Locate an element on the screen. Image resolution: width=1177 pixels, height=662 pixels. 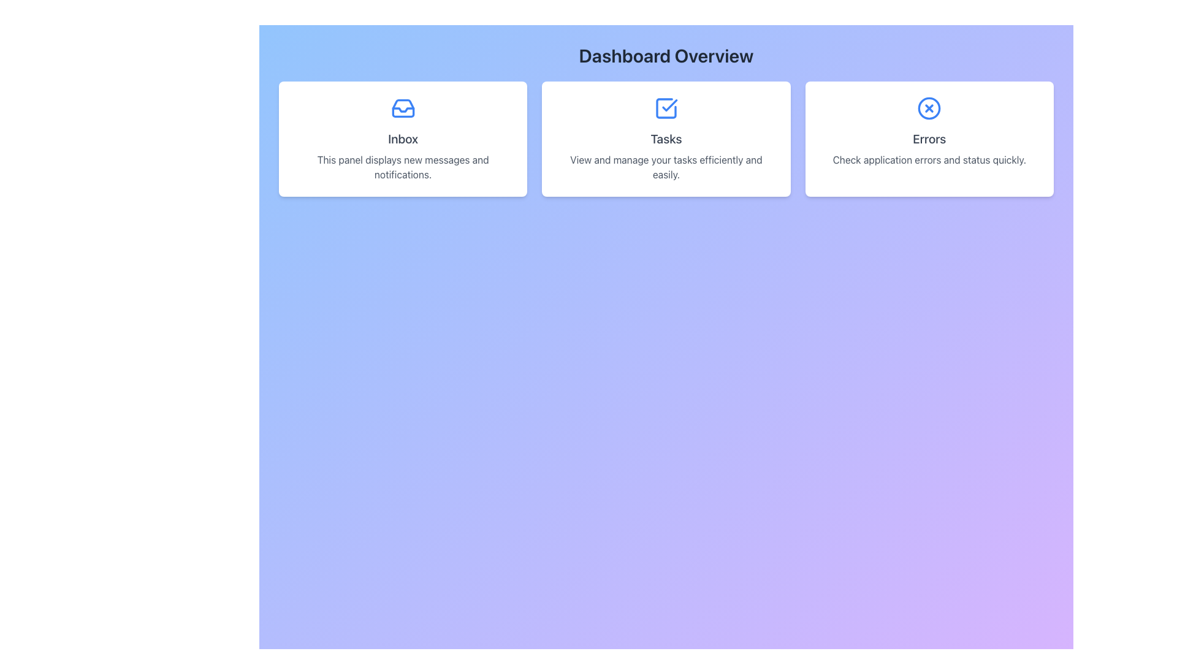
text displayed in the 'Errors' label, which is a large gray text centrally aligned within a white card on a blue gradient background is located at coordinates (929, 139).